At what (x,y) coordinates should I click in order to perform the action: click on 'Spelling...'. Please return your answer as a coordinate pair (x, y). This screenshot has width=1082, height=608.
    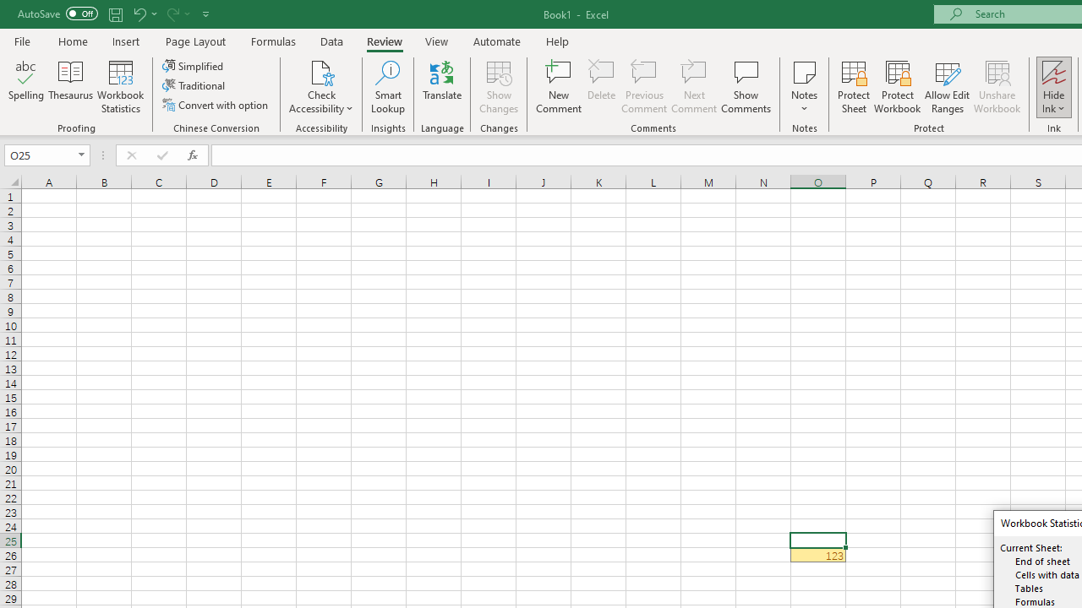
    Looking at the image, I should click on (26, 87).